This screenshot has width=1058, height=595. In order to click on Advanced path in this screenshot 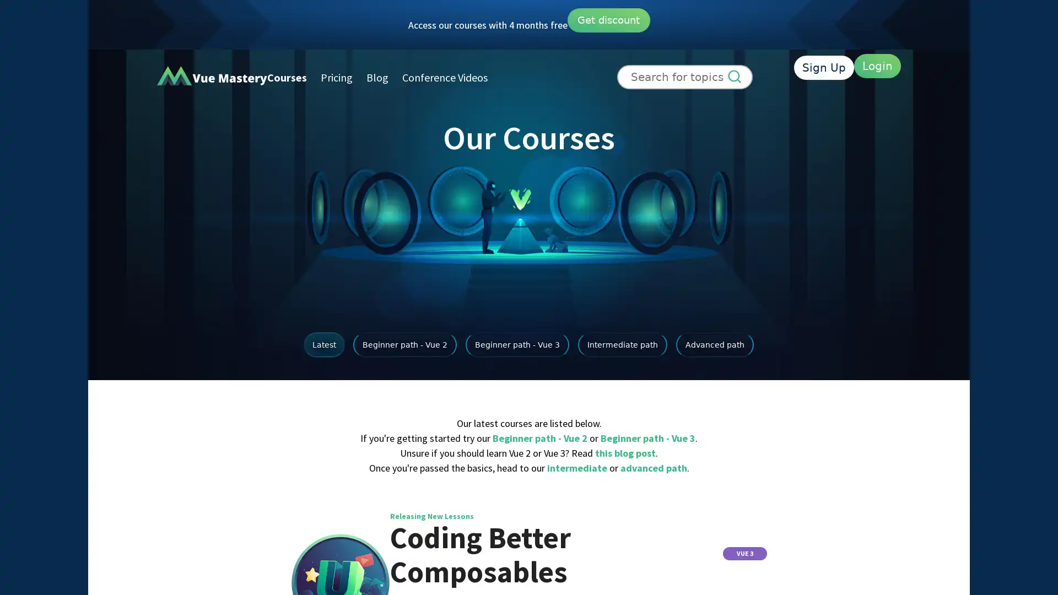, I will do `click(782, 344)`.